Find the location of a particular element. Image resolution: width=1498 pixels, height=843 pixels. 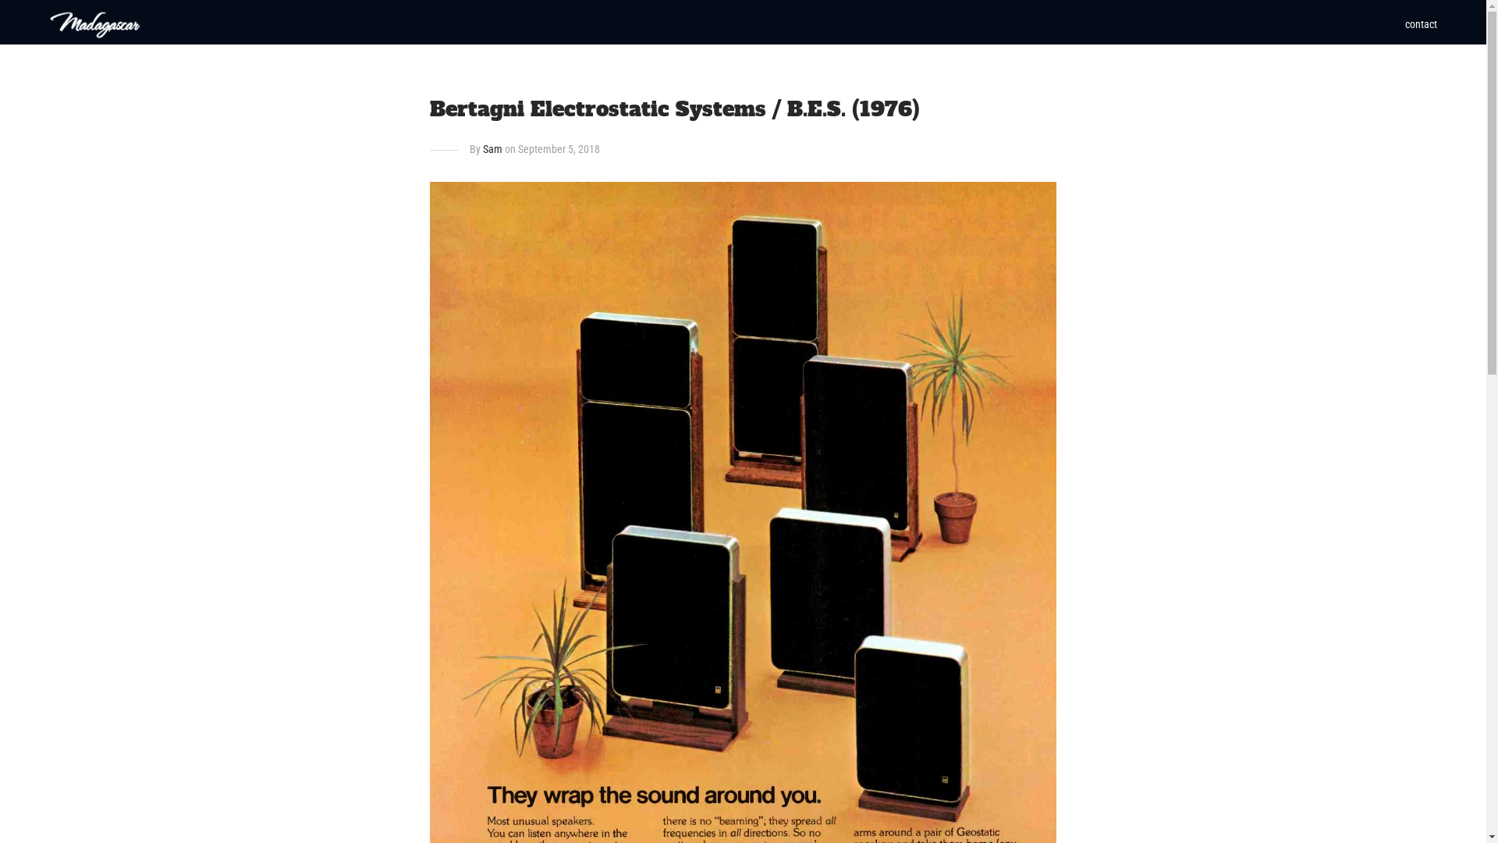

'contact' is located at coordinates (1421, 23).